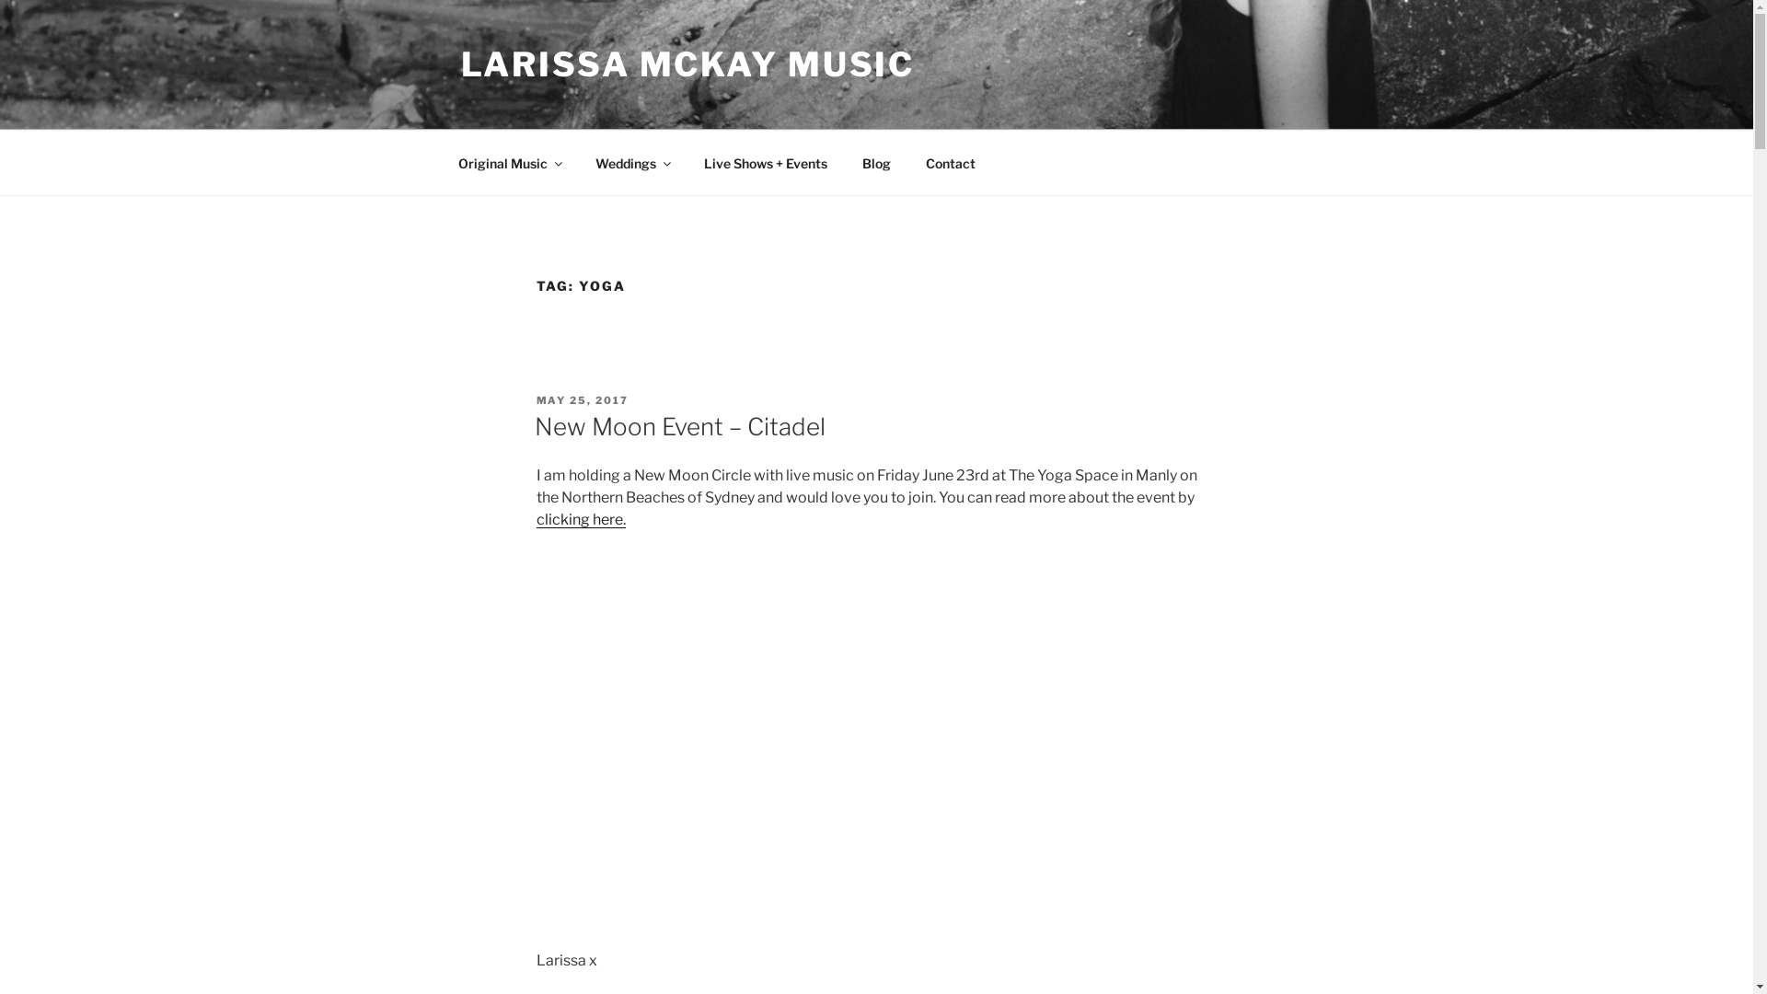 This screenshot has width=1767, height=994. What do you see at coordinates (876, 161) in the screenshot?
I see `'Blog'` at bounding box center [876, 161].